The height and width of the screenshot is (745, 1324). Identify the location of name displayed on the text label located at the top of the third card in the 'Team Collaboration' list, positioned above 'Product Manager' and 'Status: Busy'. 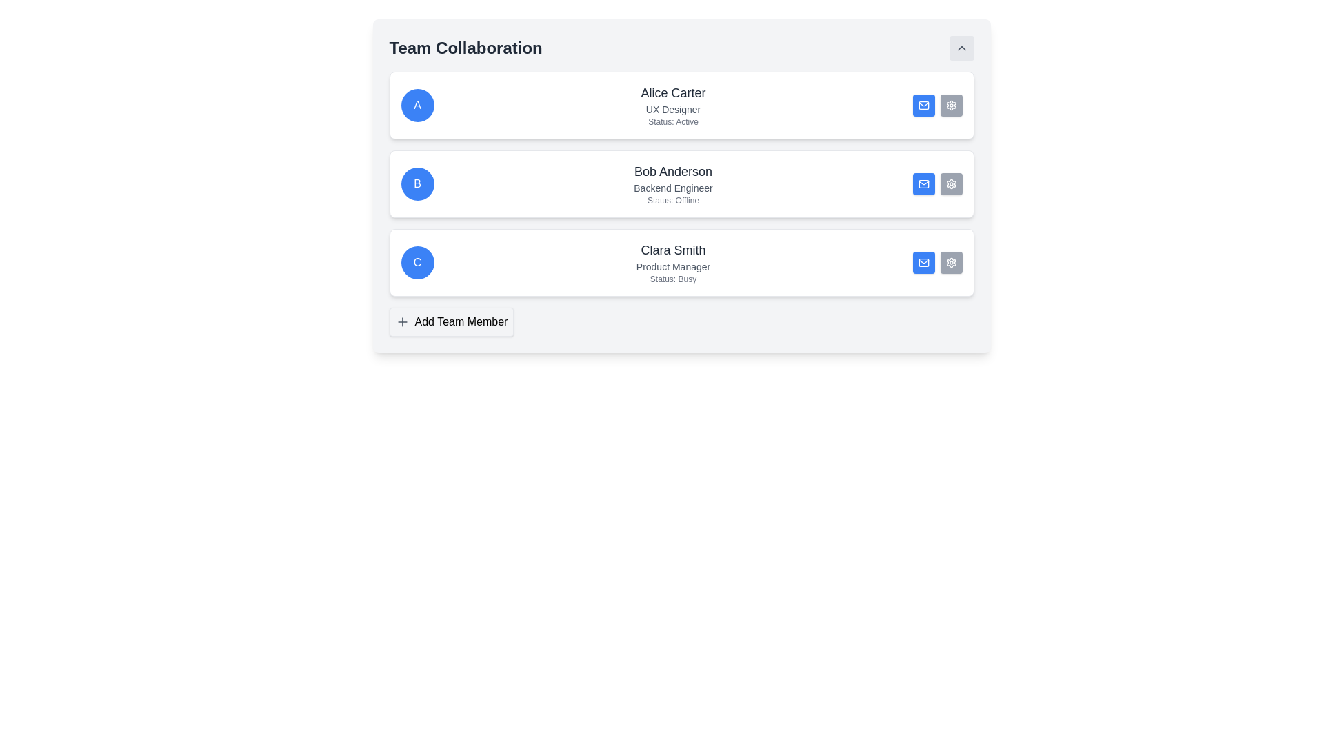
(673, 250).